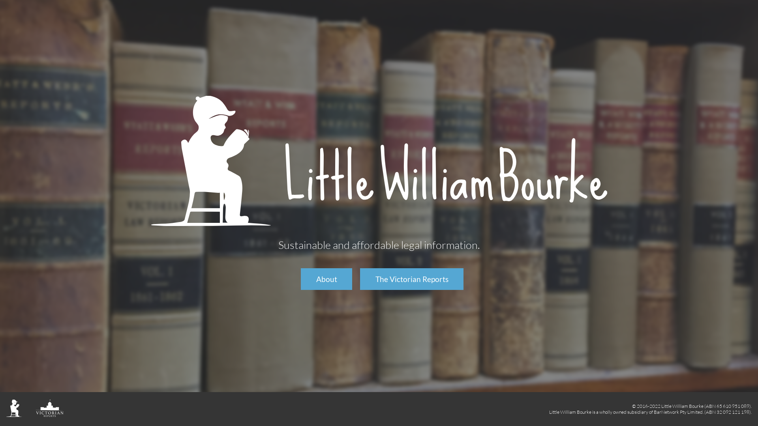  Describe the element at coordinates (360, 279) in the screenshot. I see `'The Victorian Reports'` at that location.